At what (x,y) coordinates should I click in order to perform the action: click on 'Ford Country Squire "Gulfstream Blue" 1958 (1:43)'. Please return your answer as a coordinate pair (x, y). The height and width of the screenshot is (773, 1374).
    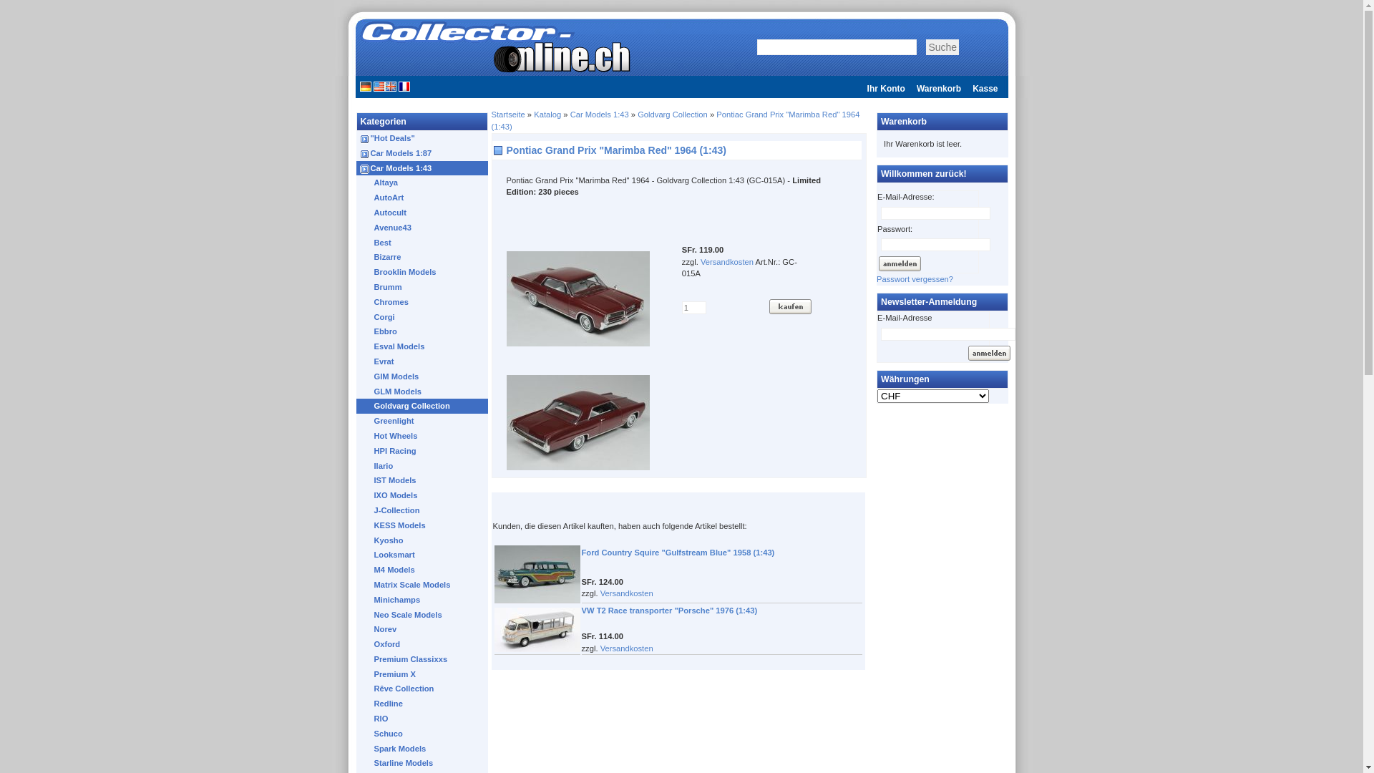
    Looking at the image, I should click on (676, 551).